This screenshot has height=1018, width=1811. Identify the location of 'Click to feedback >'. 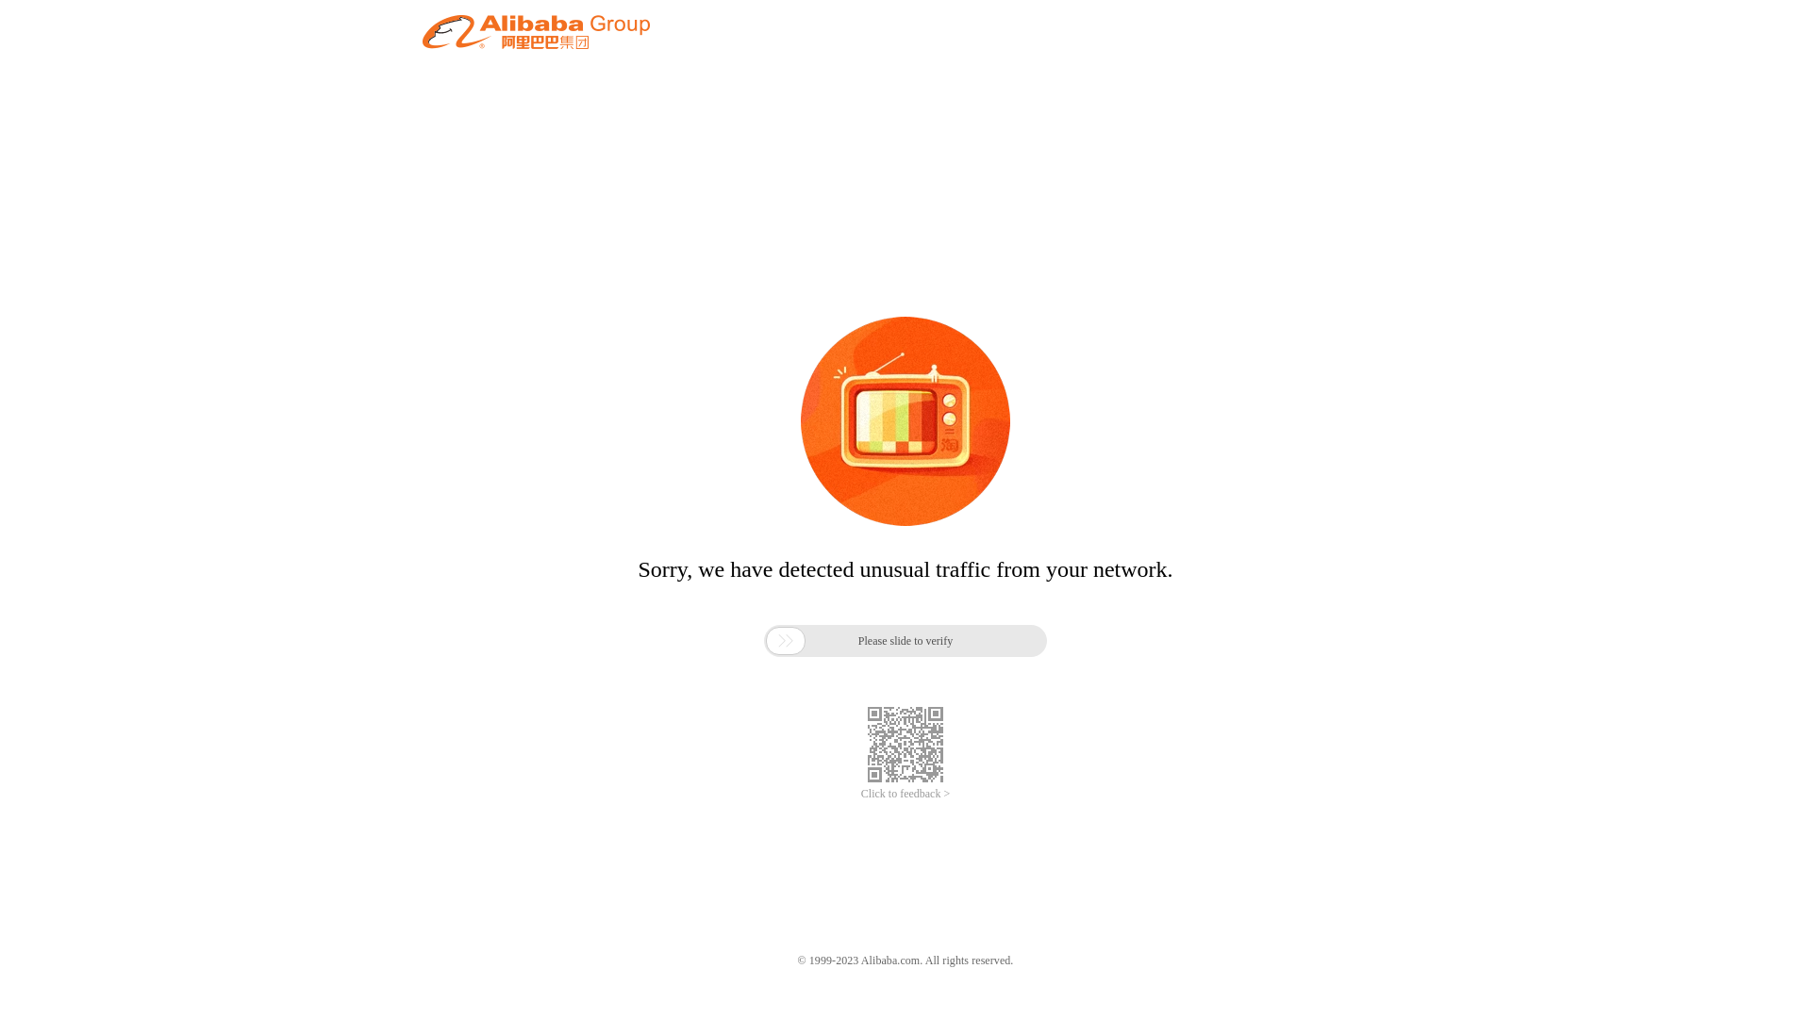
(859, 794).